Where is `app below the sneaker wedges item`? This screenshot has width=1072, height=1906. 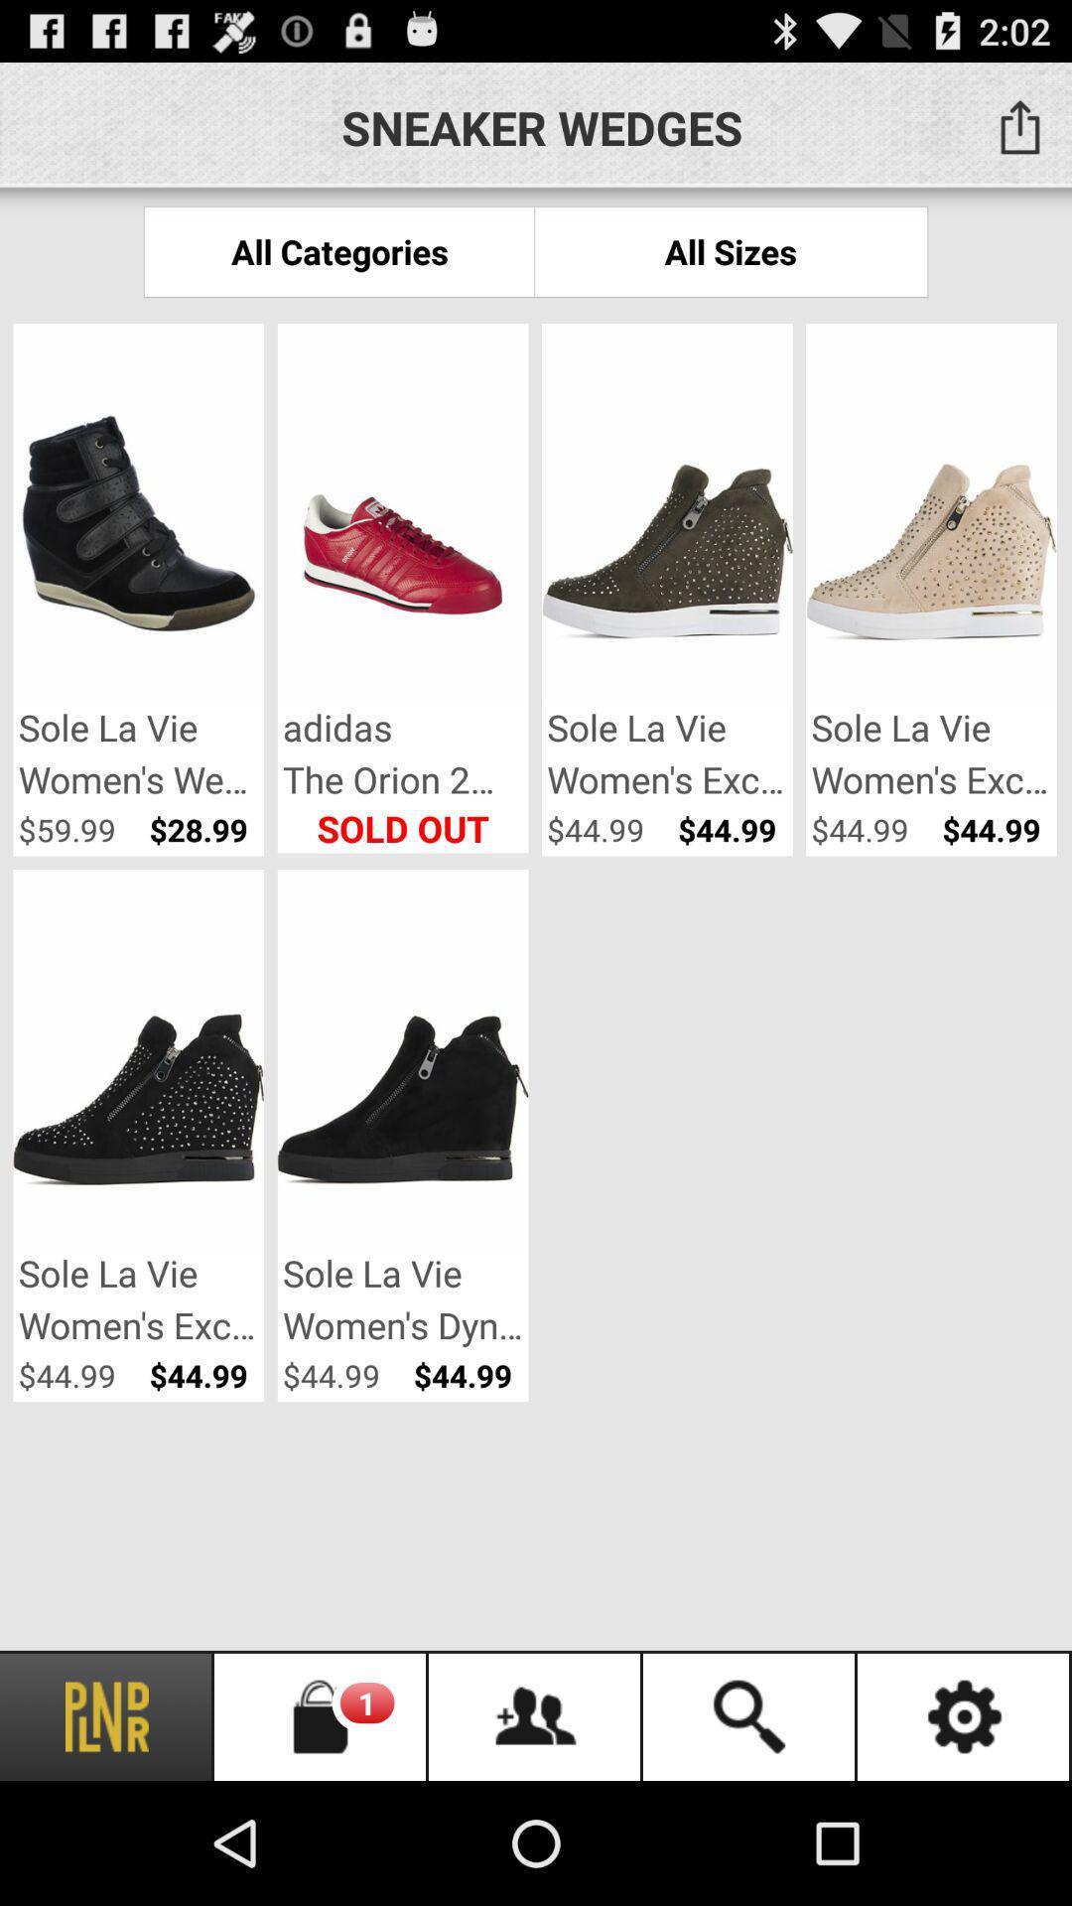 app below the sneaker wedges item is located at coordinates (731, 250).